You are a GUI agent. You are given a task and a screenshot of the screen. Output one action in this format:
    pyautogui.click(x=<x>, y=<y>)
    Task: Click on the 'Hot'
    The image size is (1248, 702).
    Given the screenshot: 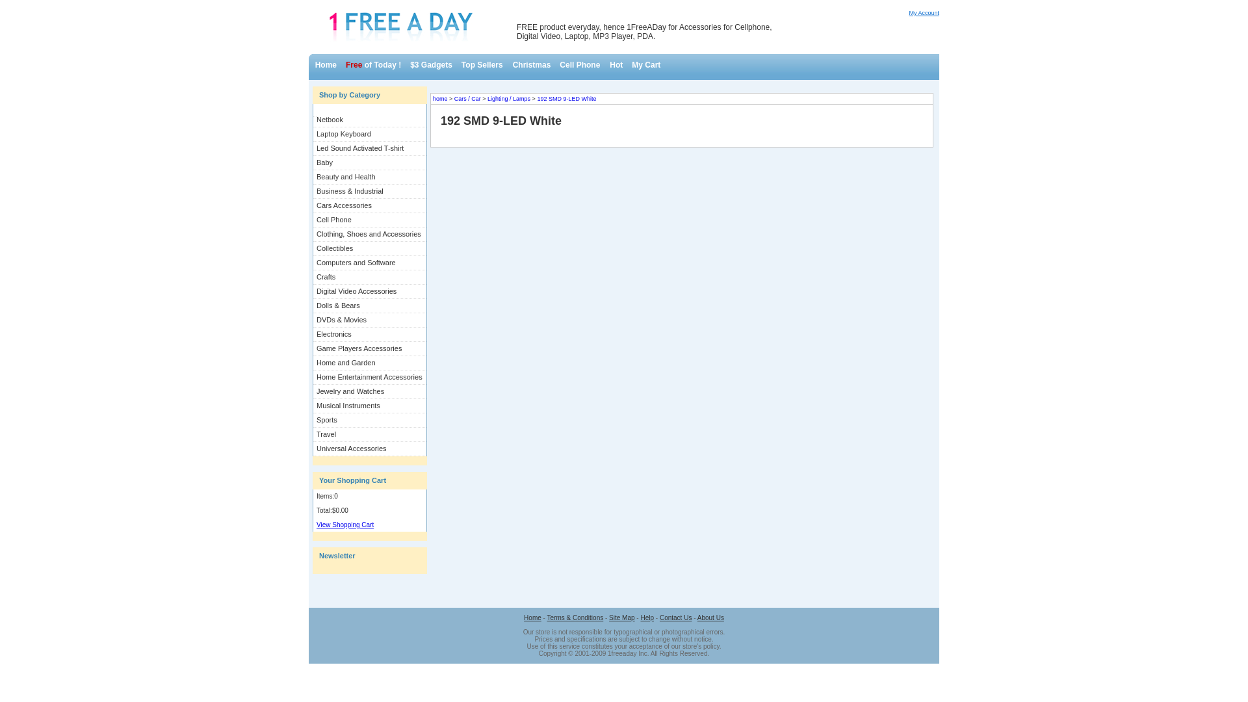 What is the action you would take?
    pyautogui.click(x=615, y=65)
    